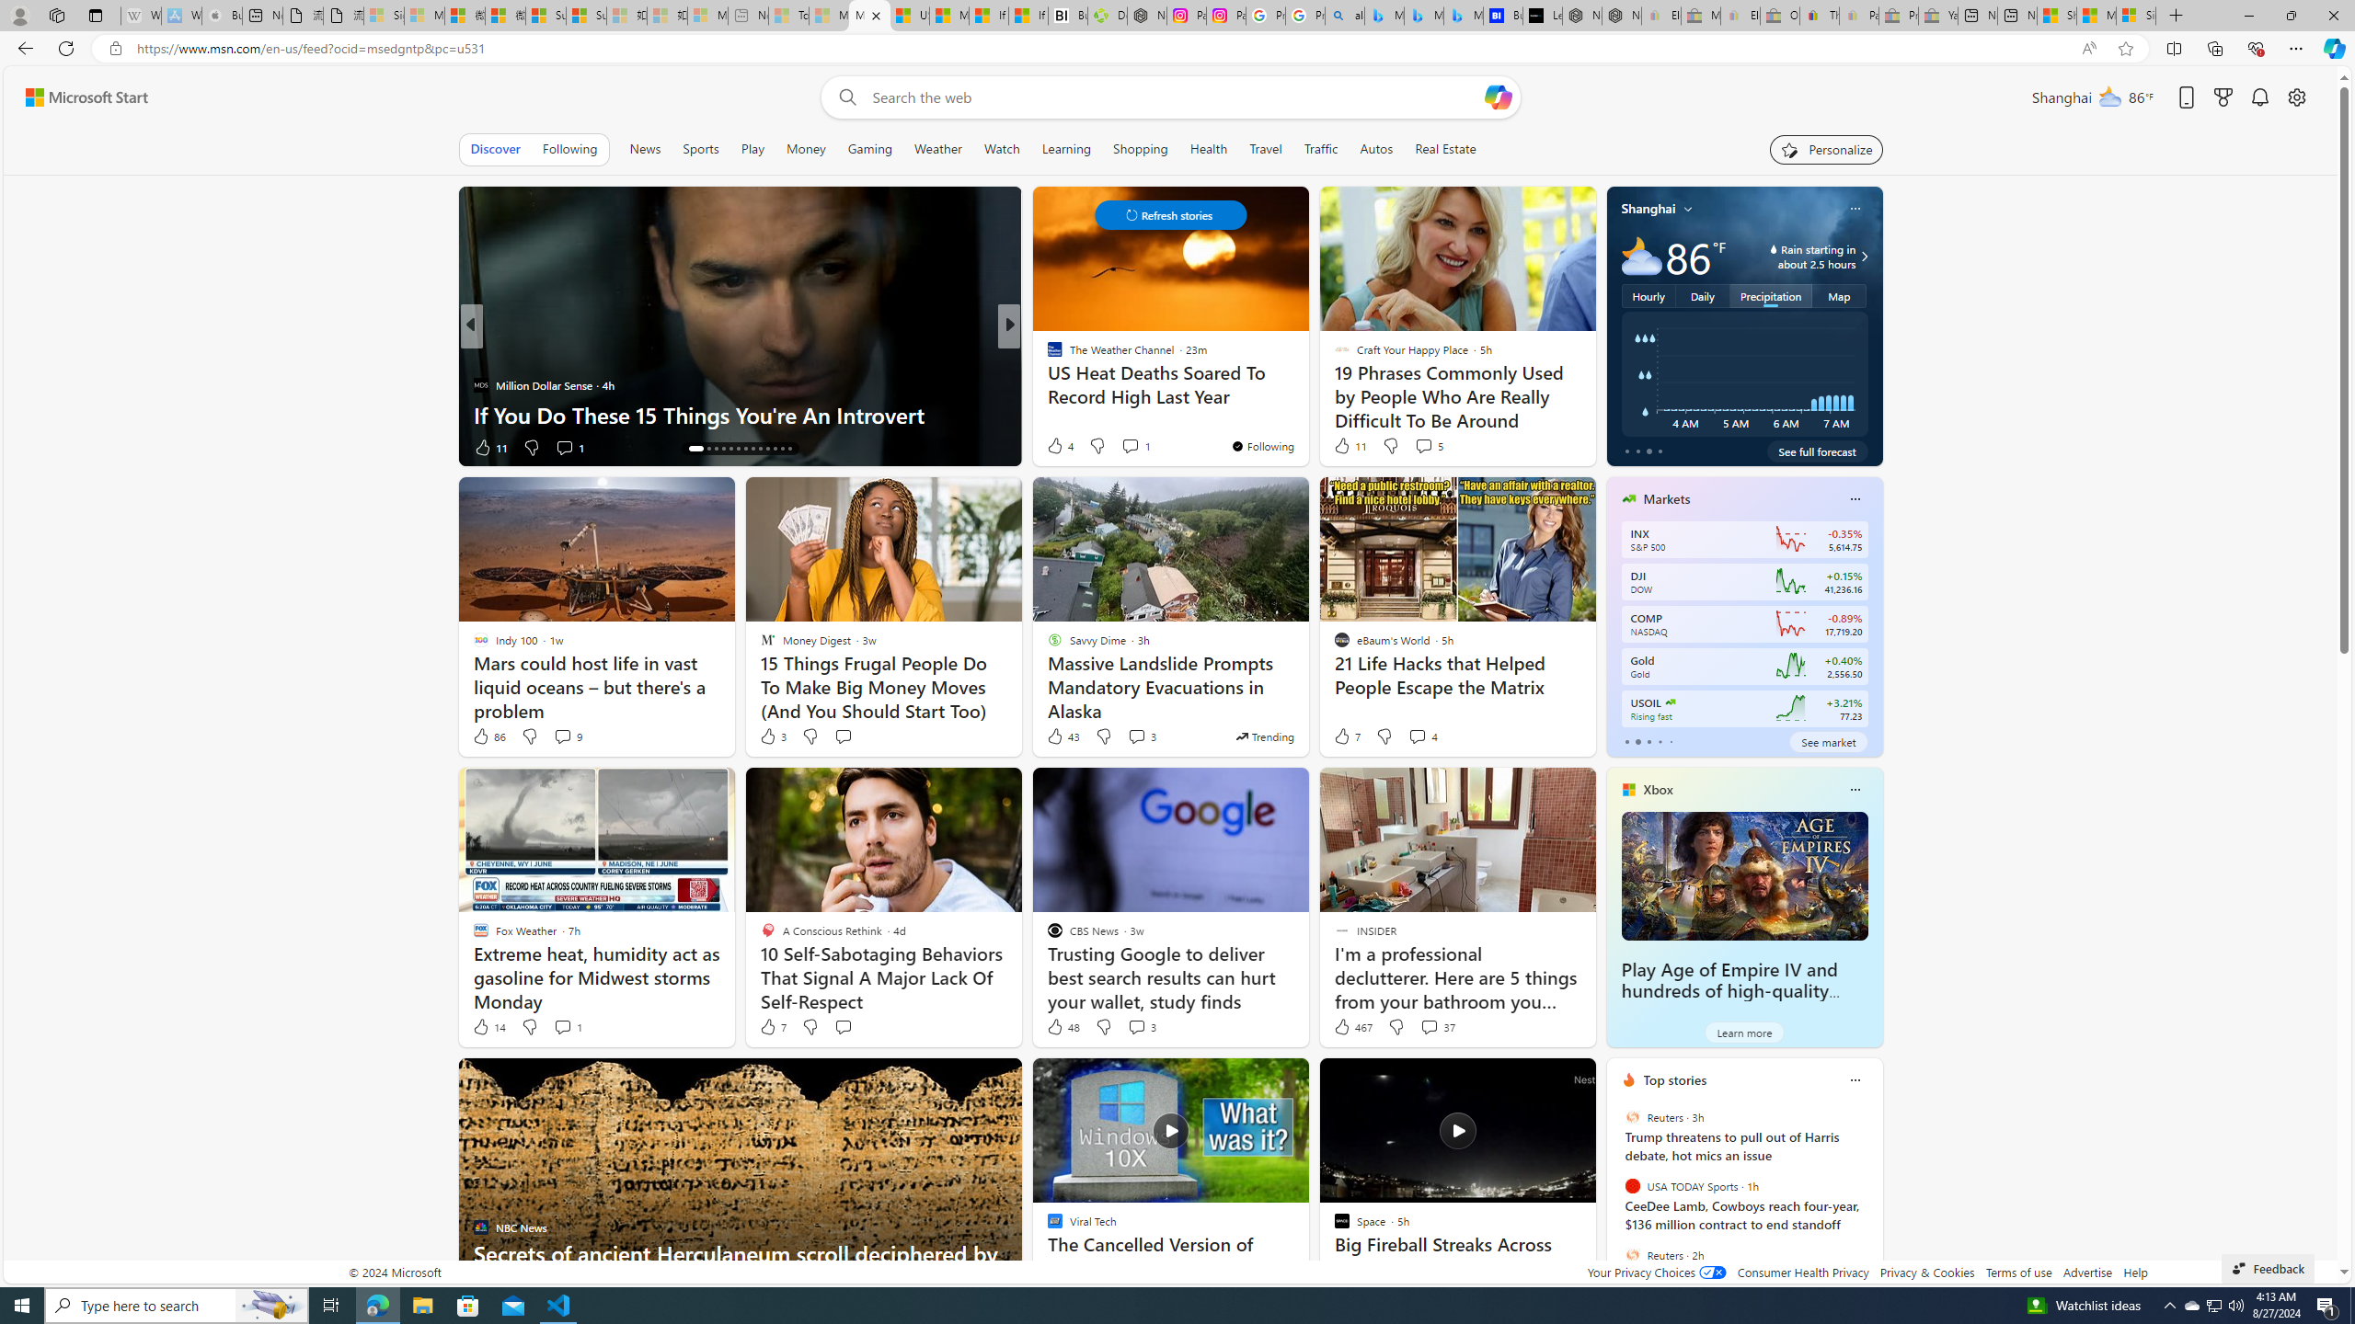  What do you see at coordinates (1463, 15) in the screenshot?
I see `'Microsoft Bing Travel - Shangri-La Hotel Bangkok'` at bounding box center [1463, 15].